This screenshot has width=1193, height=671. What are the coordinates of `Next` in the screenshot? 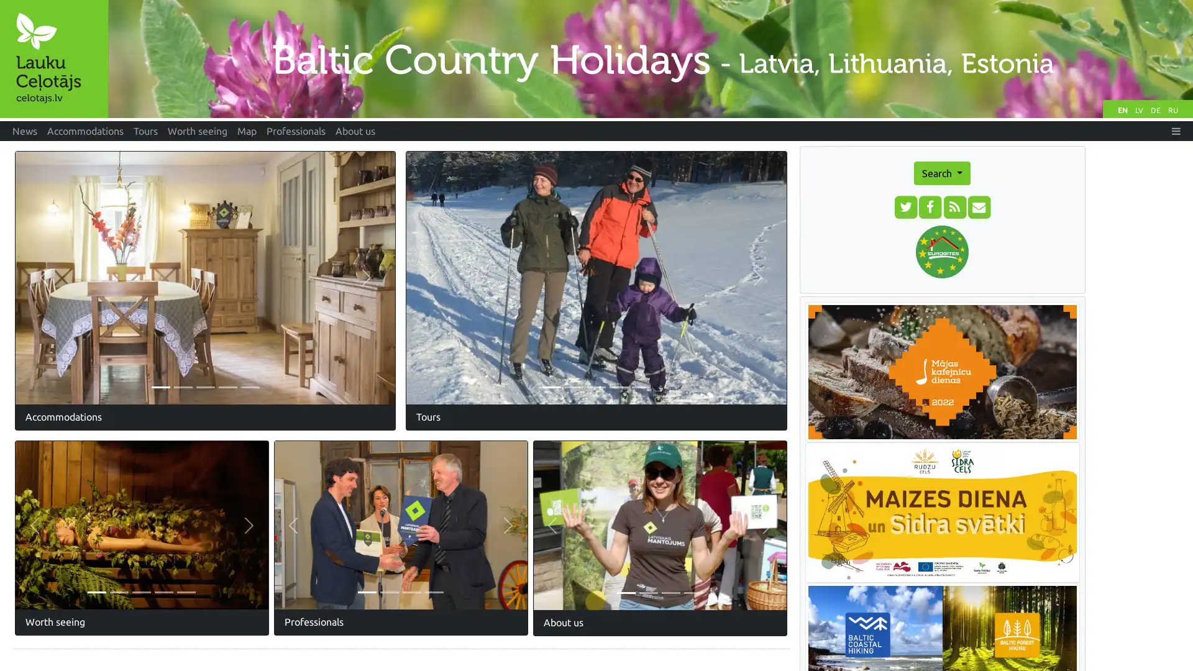 It's located at (249, 525).